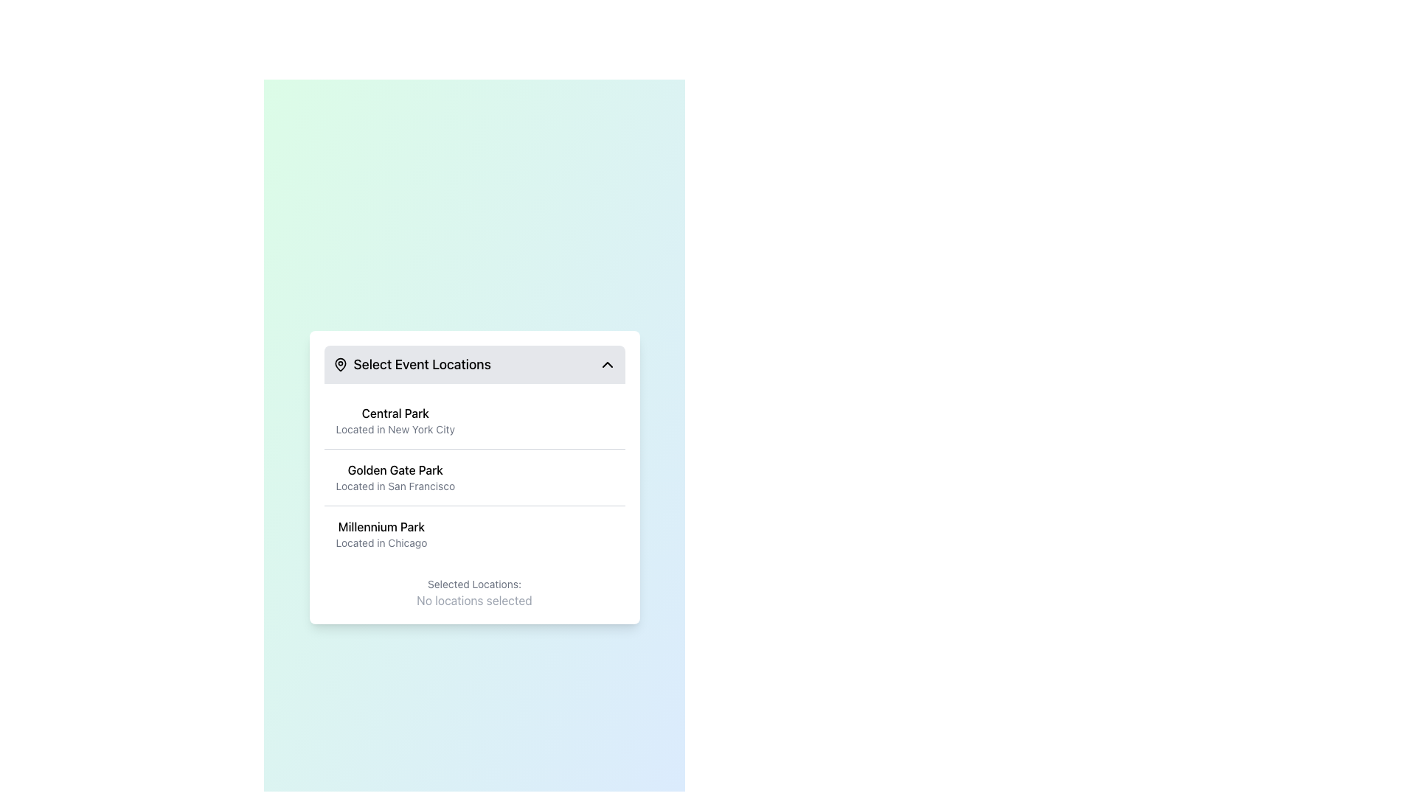 The width and height of the screenshot is (1416, 796). I want to click on the Text Display element that provides feedback about selected locations, indicating 'No locations selected.' if none are chosen, so click(474, 584).